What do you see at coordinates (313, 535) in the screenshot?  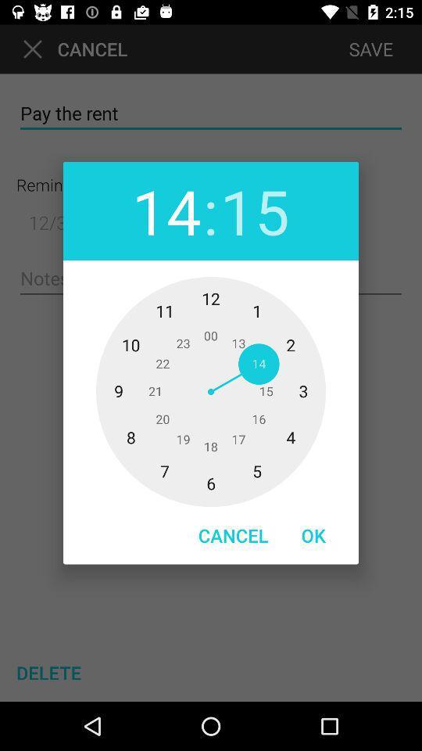 I see `item to the right of cancel item` at bounding box center [313, 535].